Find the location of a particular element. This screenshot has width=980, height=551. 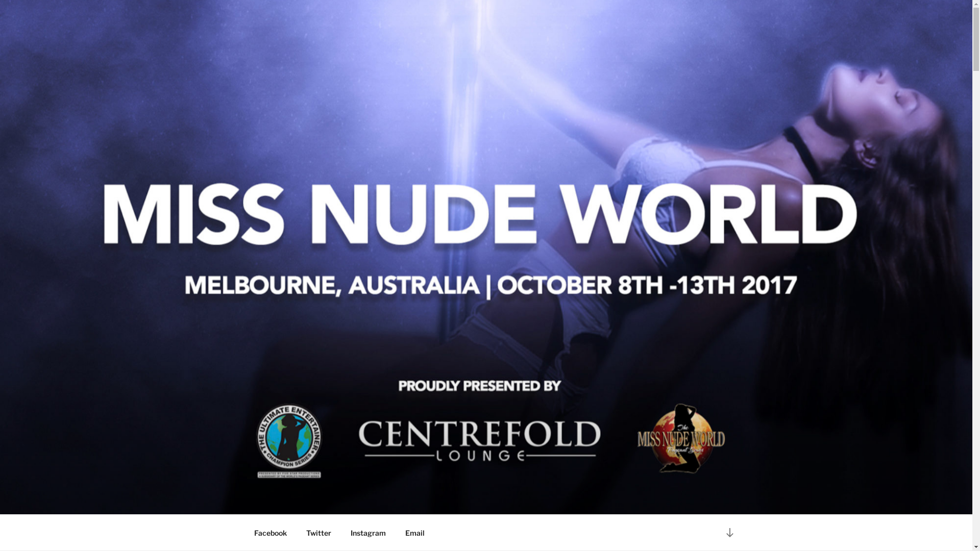

'Instagram' is located at coordinates (342, 532).